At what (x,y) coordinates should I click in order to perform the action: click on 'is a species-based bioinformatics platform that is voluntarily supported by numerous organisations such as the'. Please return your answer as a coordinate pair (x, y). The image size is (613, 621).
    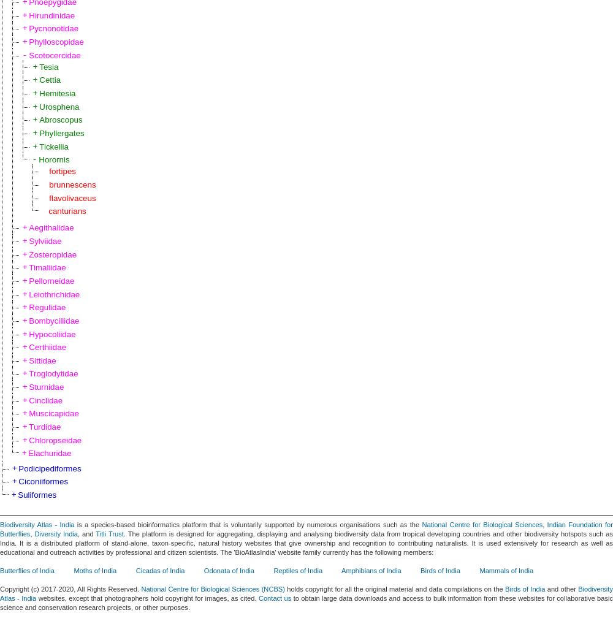
    Looking at the image, I should click on (248, 524).